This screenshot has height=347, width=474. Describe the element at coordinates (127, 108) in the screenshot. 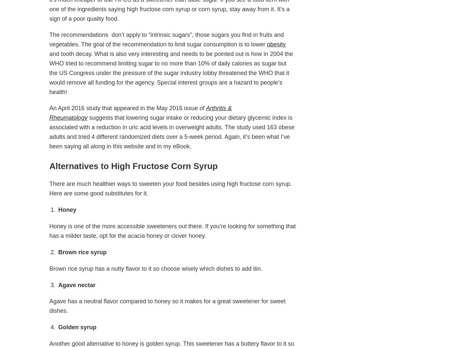

I see `'An April 2016 study that appeared in the May 2016 issue of'` at that location.